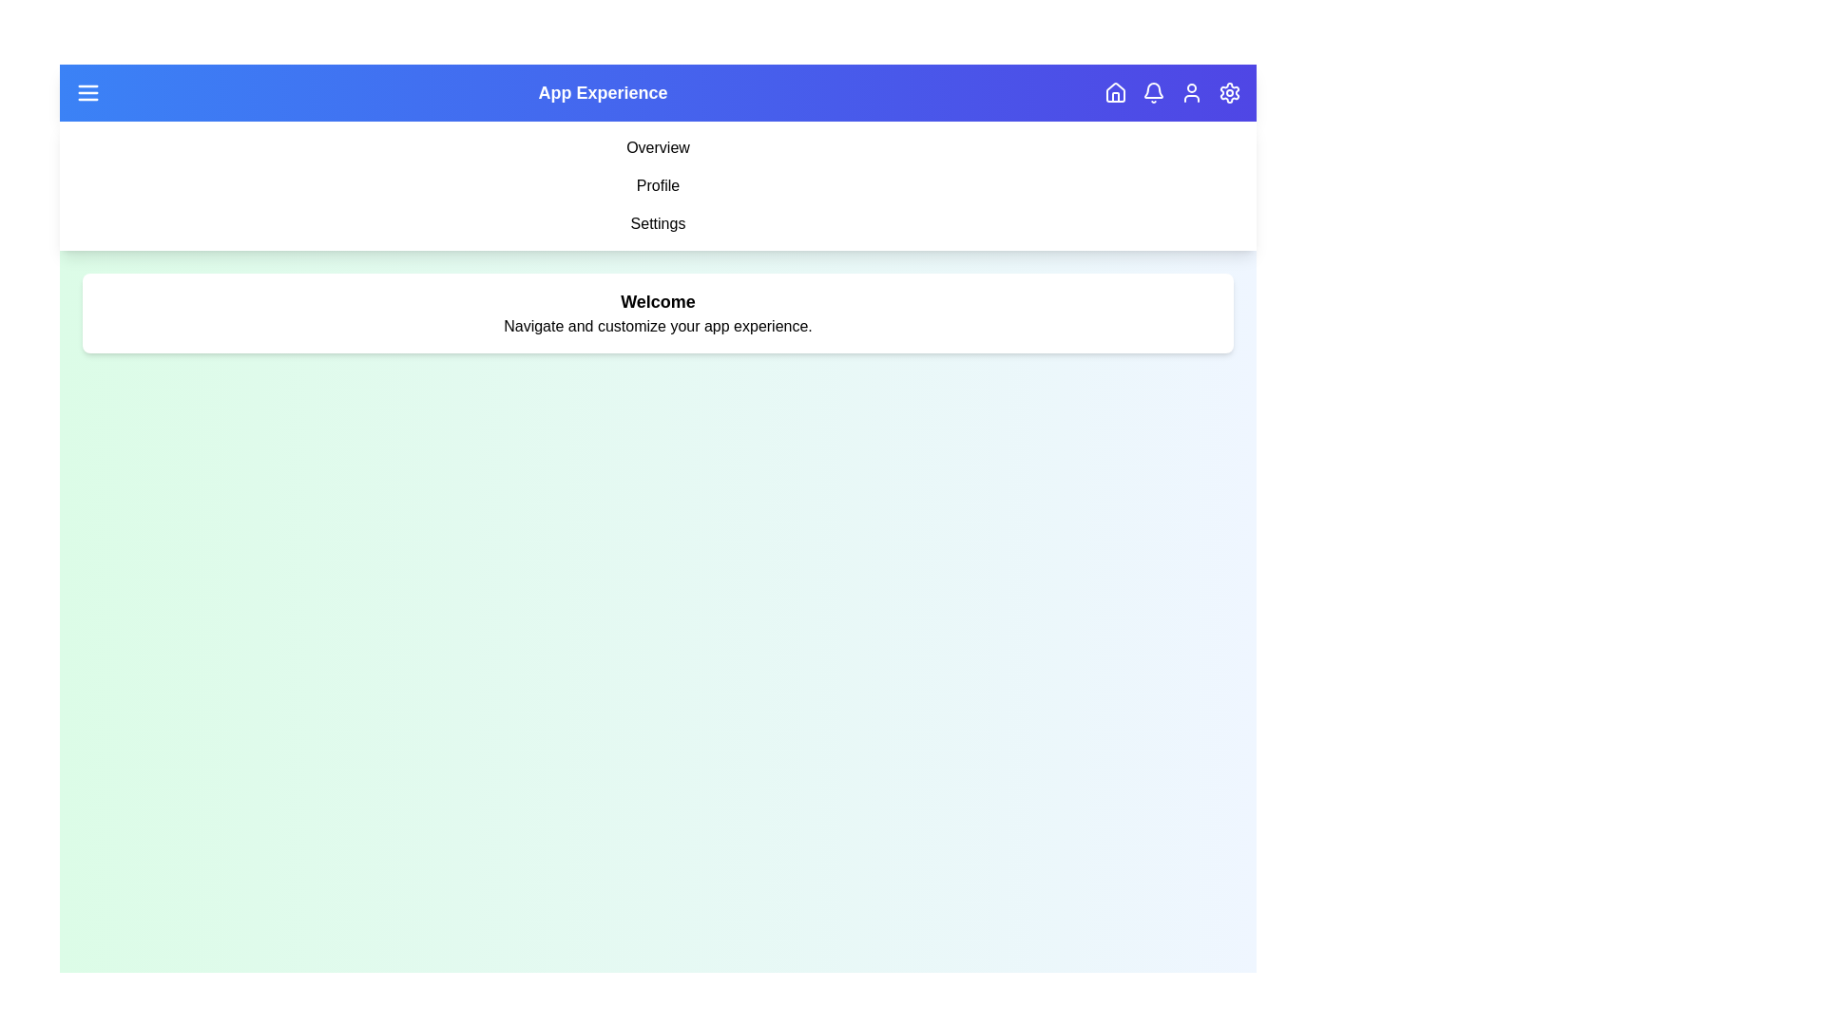  What do you see at coordinates (658, 146) in the screenshot?
I see `the navigation item labeled Overview to navigate to the respective section` at bounding box center [658, 146].